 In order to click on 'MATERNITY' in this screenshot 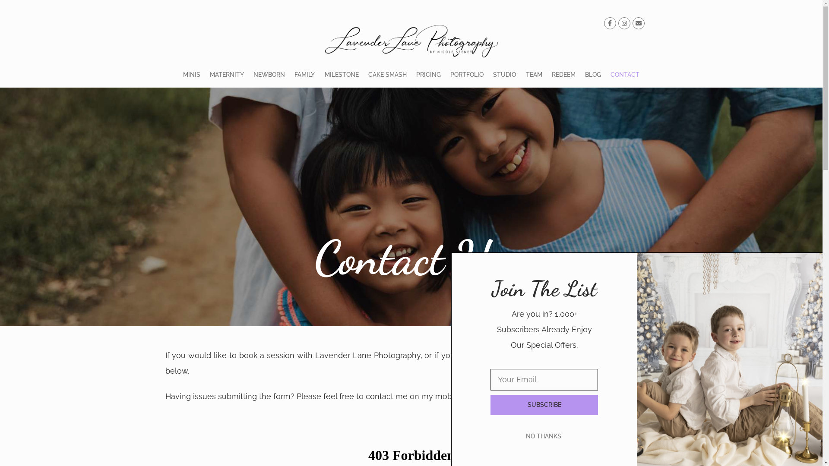, I will do `click(227, 74)`.